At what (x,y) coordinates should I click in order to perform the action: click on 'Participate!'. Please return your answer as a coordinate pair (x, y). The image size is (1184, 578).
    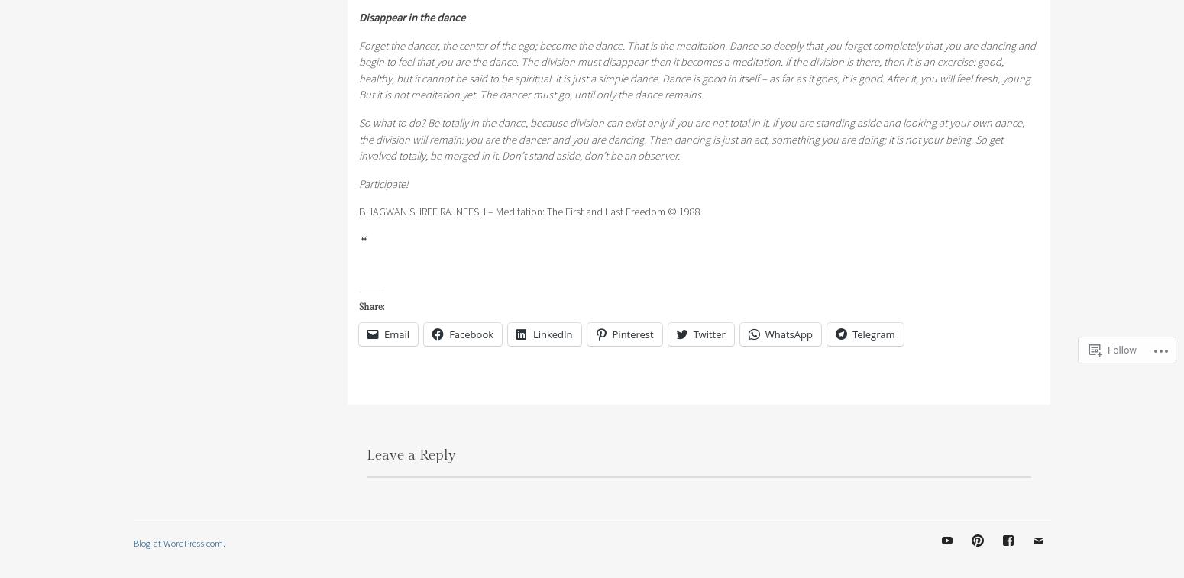
    Looking at the image, I should click on (383, 182).